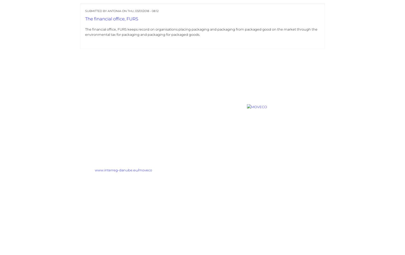  Describe the element at coordinates (80, 146) in the screenshot. I see `'Acronym: MOVECO'` at that location.